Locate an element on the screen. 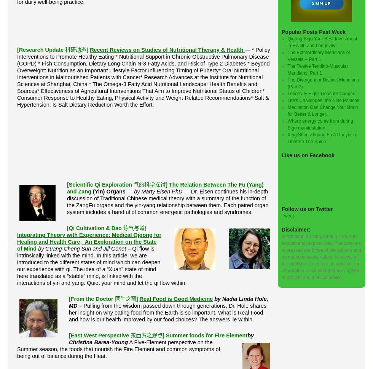 The height and width of the screenshot is (369, 373). 'Longevity Eight Treasure Congee' is located at coordinates (287, 93).